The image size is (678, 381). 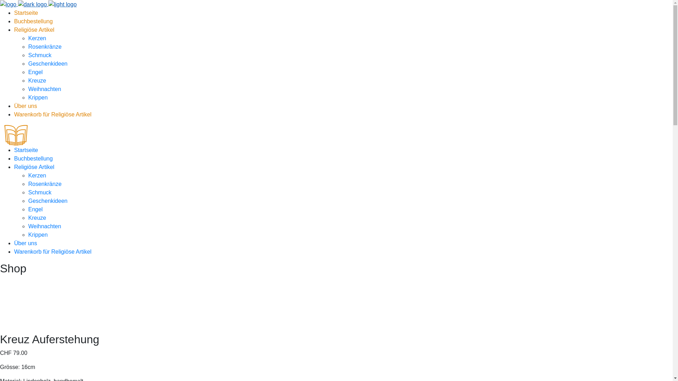 What do you see at coordinates (28, 64) in the screenshot?
I see `'Geschenkideen'` at bounding box center [28, 64].